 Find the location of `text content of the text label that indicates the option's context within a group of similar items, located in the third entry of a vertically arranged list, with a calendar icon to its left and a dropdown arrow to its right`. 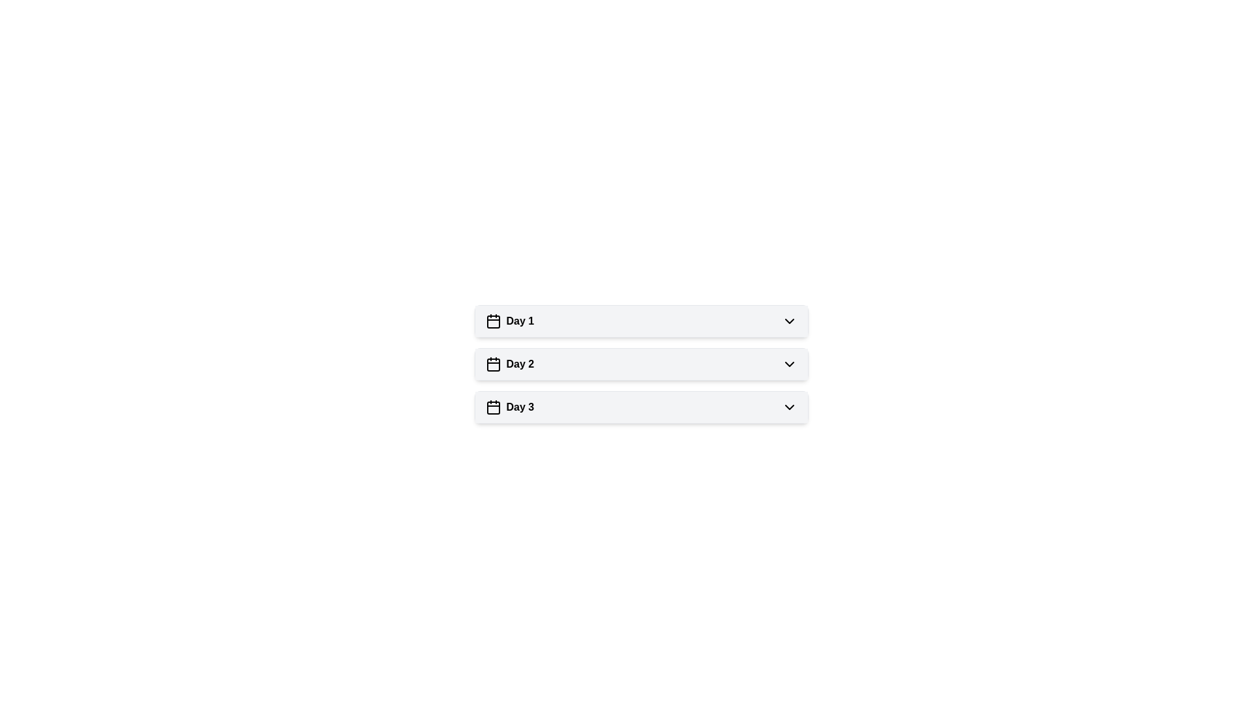

text content of the text label that indicates the option's context within a group of similar items, located in the third entry of a vertically arranged list, with a calendar icon to its left and a dropdown arrow to its right is located at coordinates (519, 406).